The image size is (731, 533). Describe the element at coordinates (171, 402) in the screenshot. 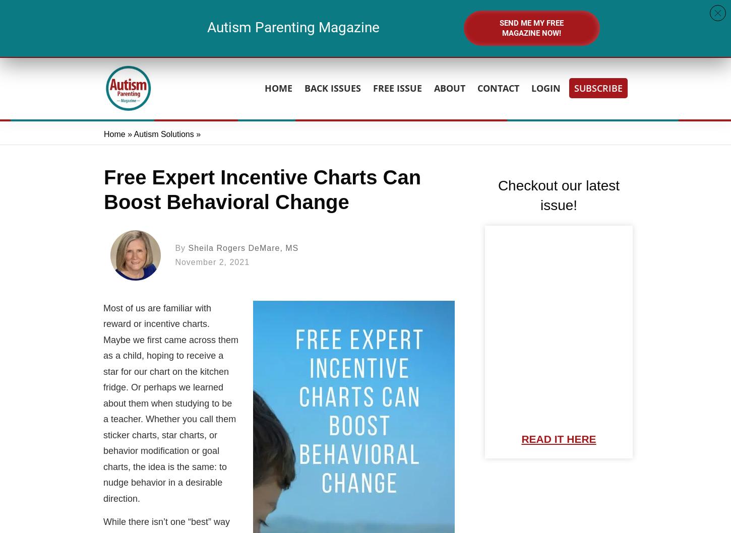

I see `'Most of us are familiar with reward or incentive charts. Maybe we first came across them as a child, hoping to receive a star for our chart on the kitchen fridge. Or perhaps we learned about them when studying to be a teacher. Whether you call them sticker charts, star charts, or behavior modification or goal charts, the idea is the same: to nudge behavior in a desirable direction.'` at that location.